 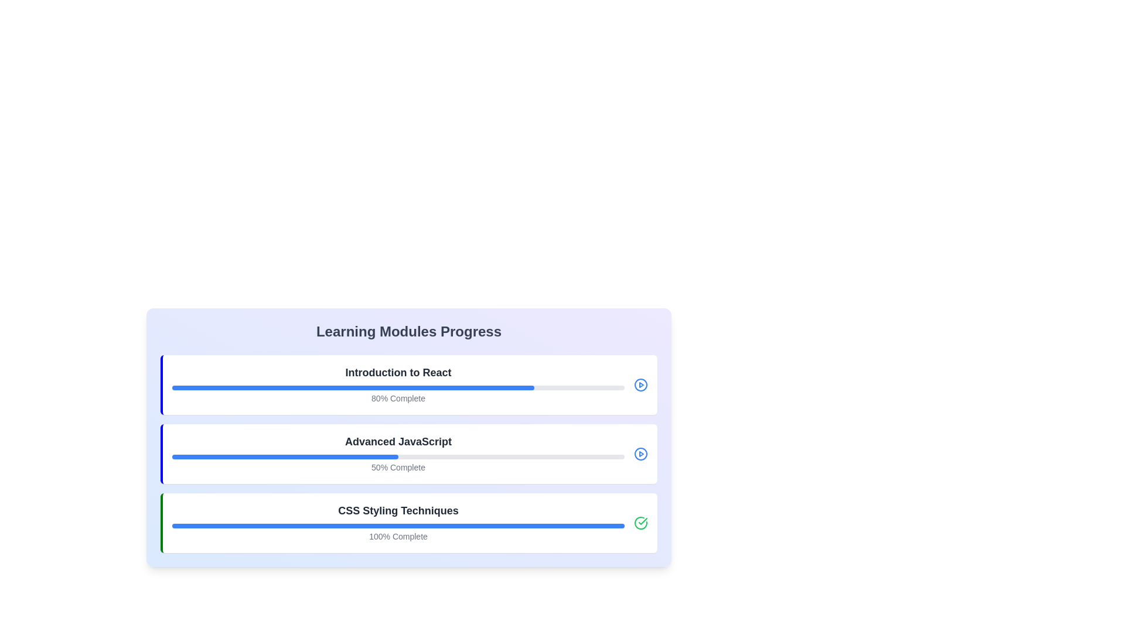 I want to click on the Progress Card representing the completion percentage of the 'CSS Styling Techniques' learning module, which is the third card in the vertically stacked list within the 'Learning Modules Progress' panel, so click(x=398, y=523).